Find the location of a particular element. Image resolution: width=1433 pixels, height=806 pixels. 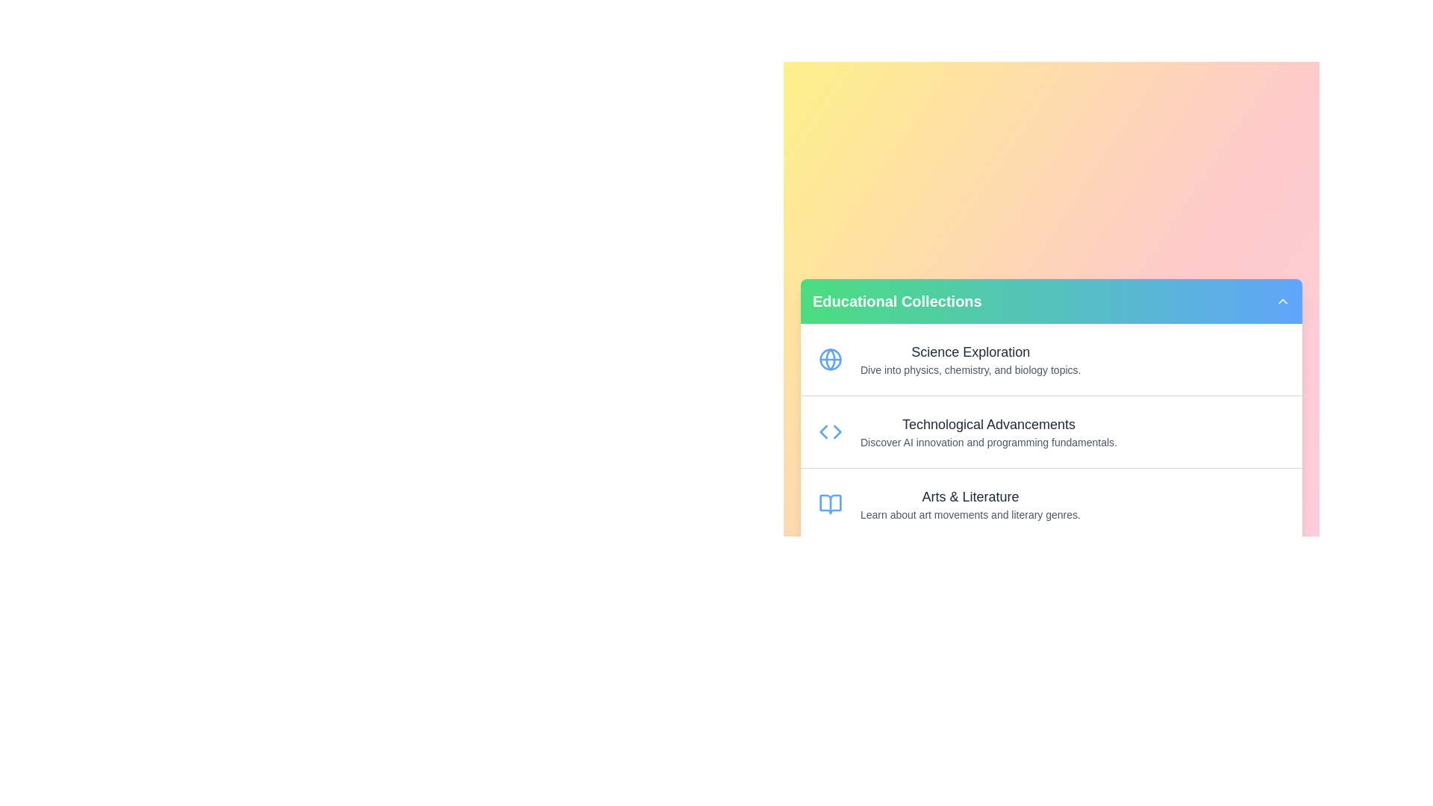

the item labeled 'Technological Advancements' in the list to observe visual feedback is located at coordinates (1051, 431).